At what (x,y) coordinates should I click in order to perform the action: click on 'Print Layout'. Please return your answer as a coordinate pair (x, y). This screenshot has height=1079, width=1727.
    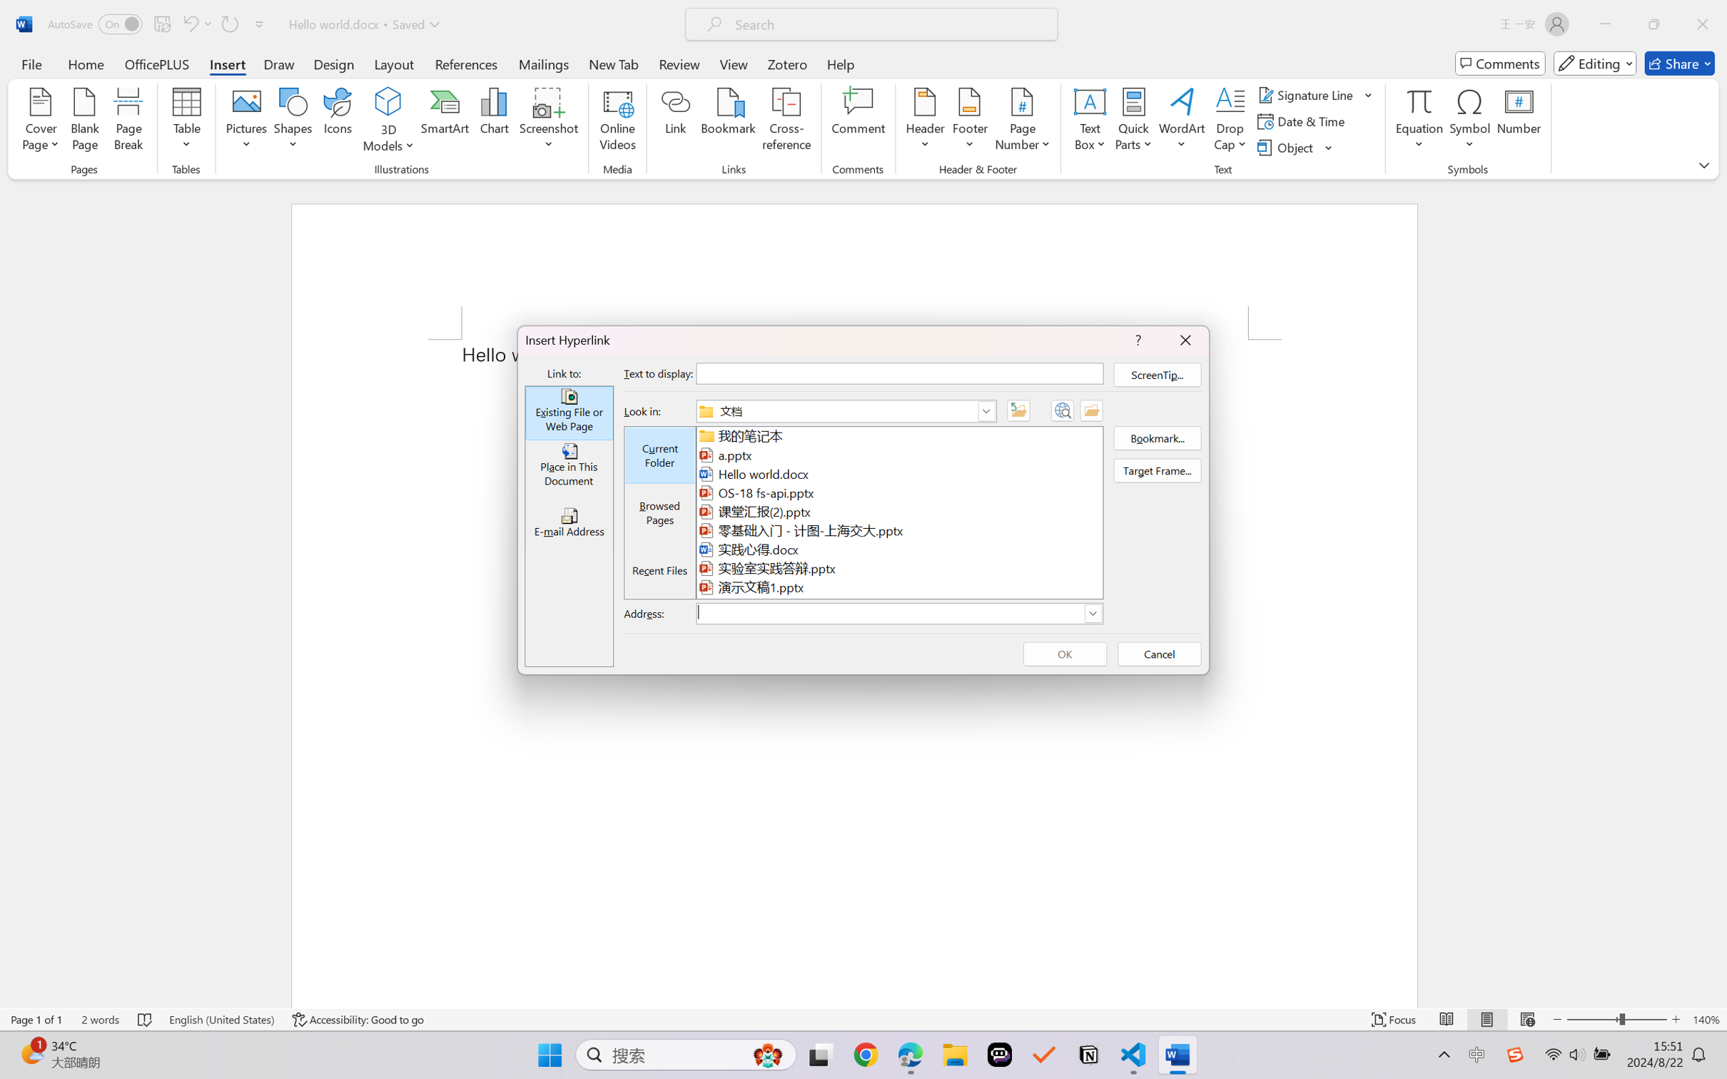
    Looking at the image, I should click on (1487, 1019).